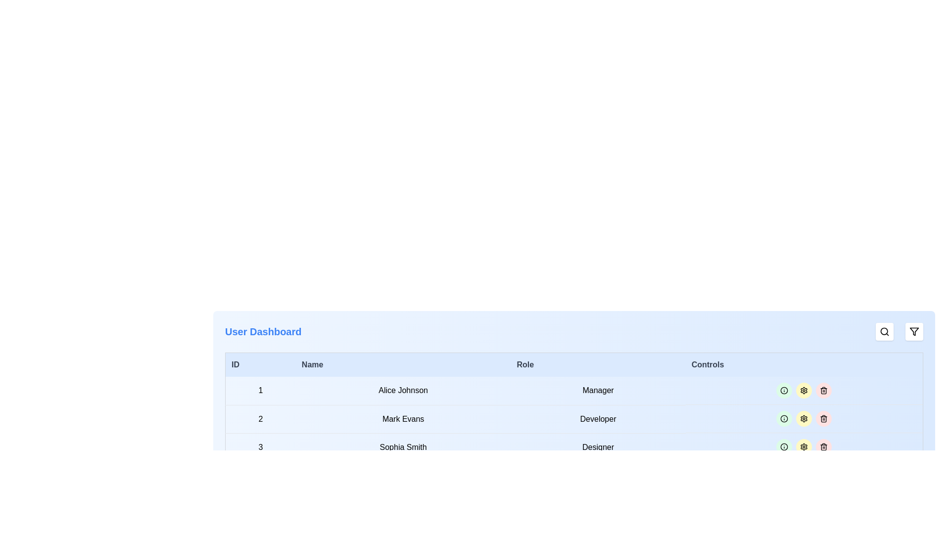  Describe the element at coordinates (804, 446) in the screenshot. I see `the yellow circular button with a gear icon in the center, located in the third row of the 'Controls' column` at that location.